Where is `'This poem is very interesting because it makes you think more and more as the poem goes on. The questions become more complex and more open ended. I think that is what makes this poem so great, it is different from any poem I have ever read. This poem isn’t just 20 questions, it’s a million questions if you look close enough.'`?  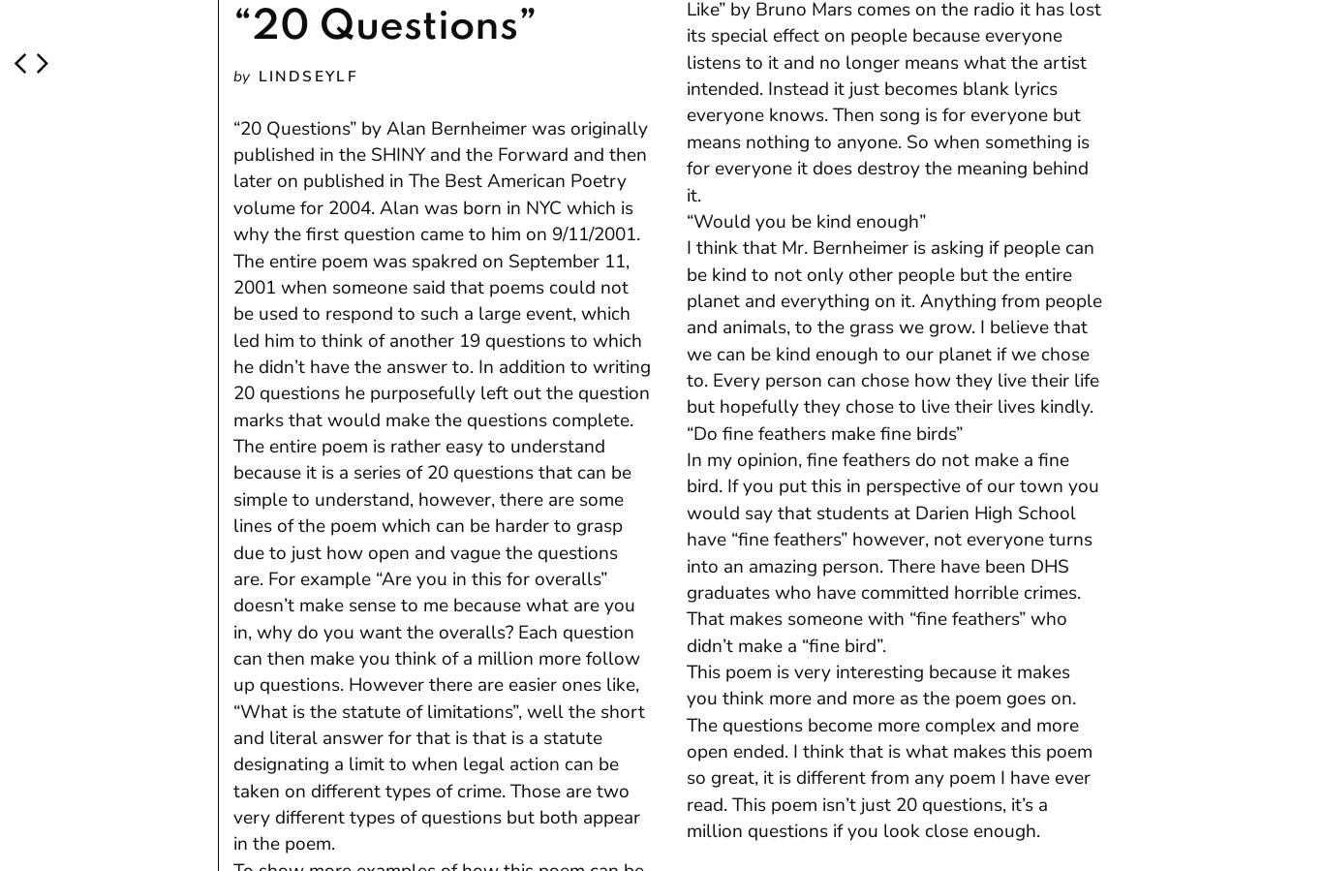 'This poem is very interesting because it makes you think more and more as the poem goes on. The questions become more complex and more open ended. I think that is what makes this poem so great, it is different from any poem I have ever read. This poem isn’t just 20 questions, it’s a million questions if you look close enough.' is located at coordinates (685, 751).